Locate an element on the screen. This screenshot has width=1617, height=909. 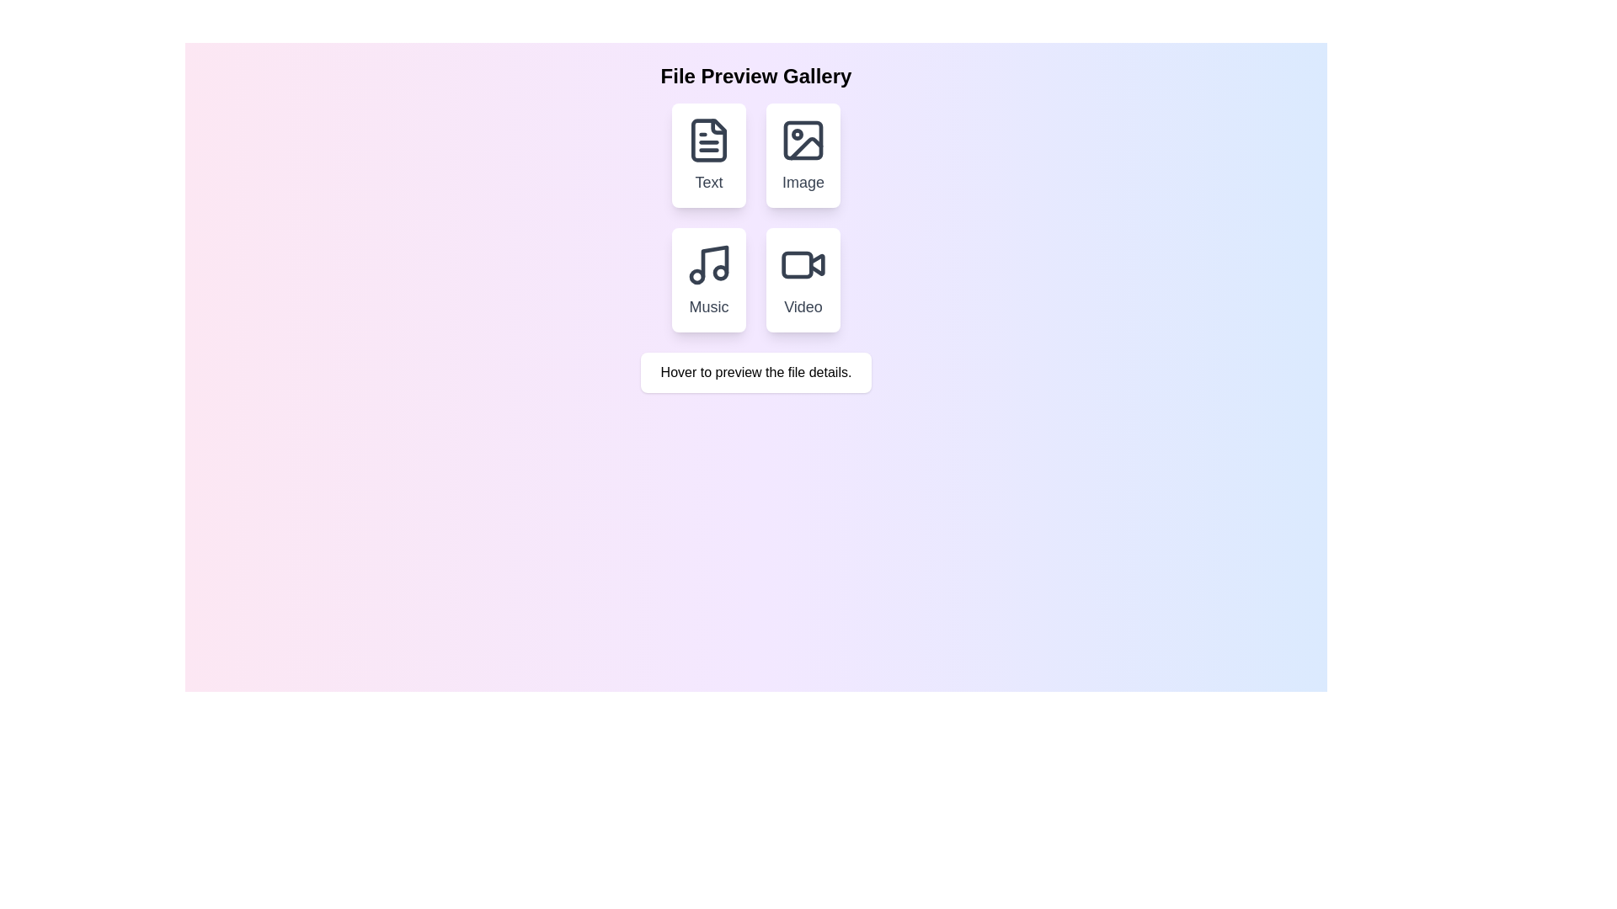
the minimalist gray mountain and sun/moon icon located in the 'Image' card, positioned in the second slot of a 2x2 grid layout is located at coordinates (803, 139).